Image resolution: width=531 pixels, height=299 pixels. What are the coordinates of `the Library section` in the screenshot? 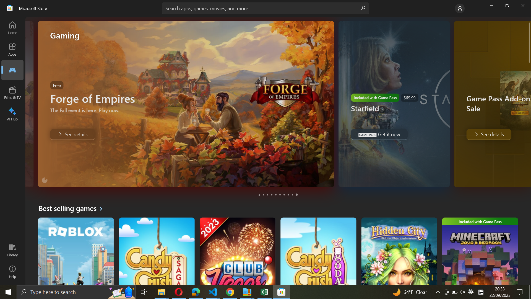 It's located at (13, 251).